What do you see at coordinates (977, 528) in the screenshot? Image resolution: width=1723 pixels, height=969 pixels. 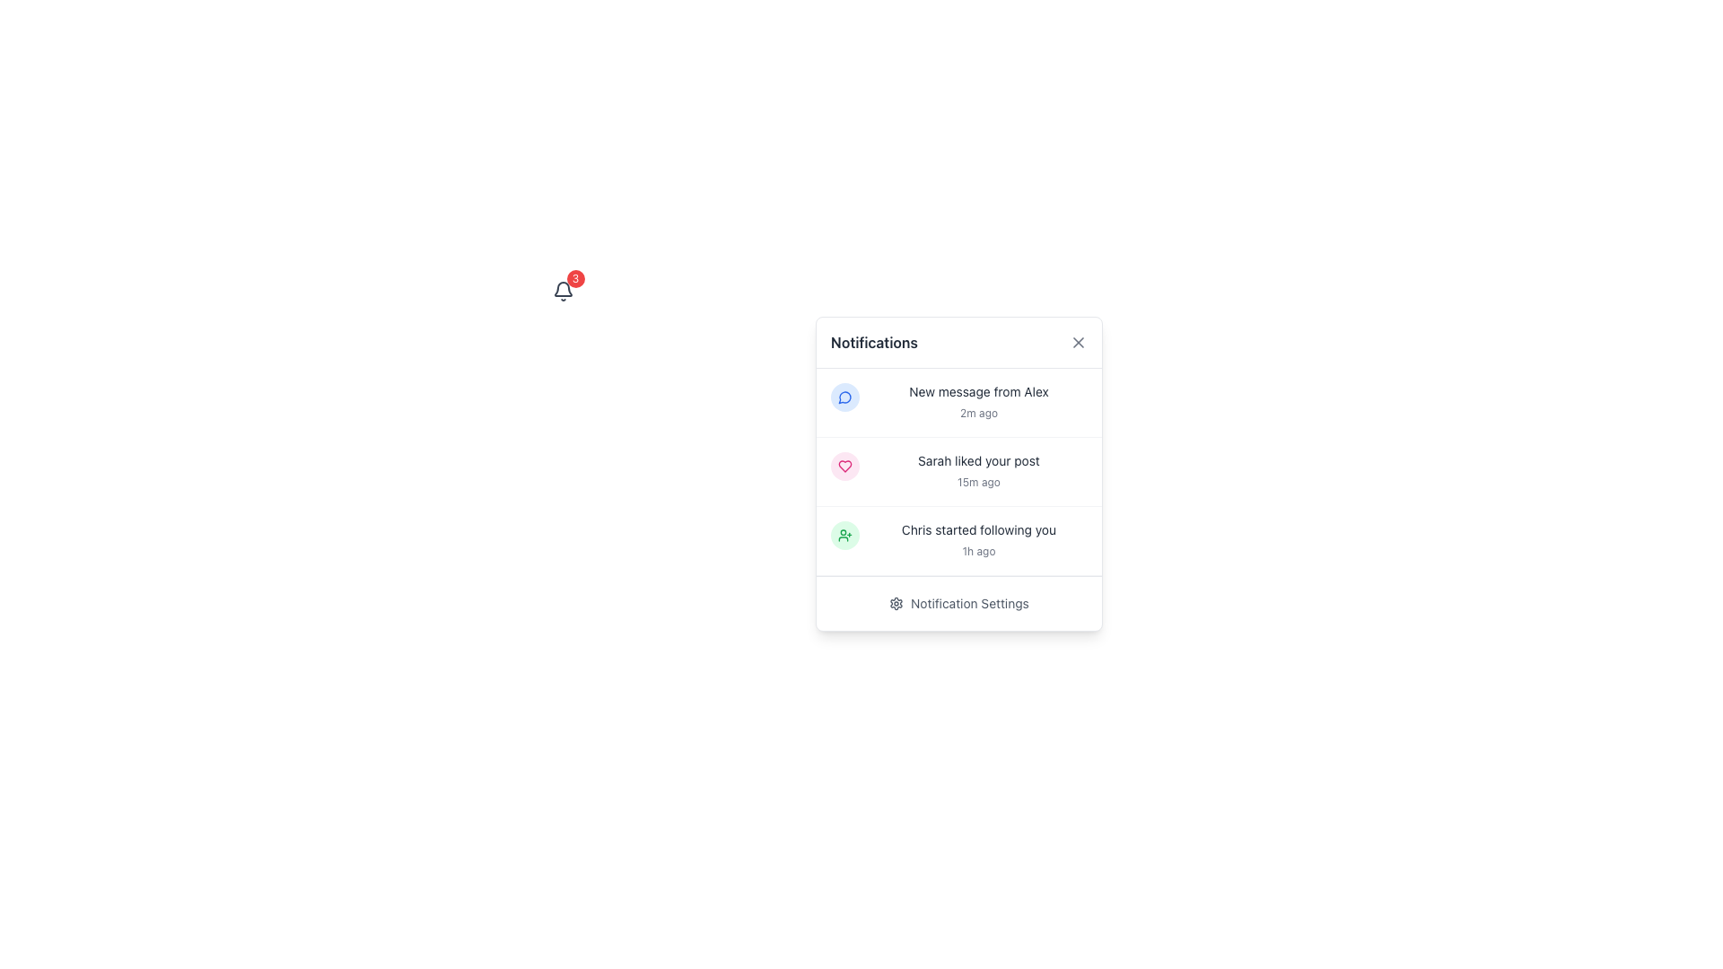 I see `displayed text of the notification about the new follower named Chris, which is the main text content of the third notification item in the dropdown list` at bounding box center [977, 528].